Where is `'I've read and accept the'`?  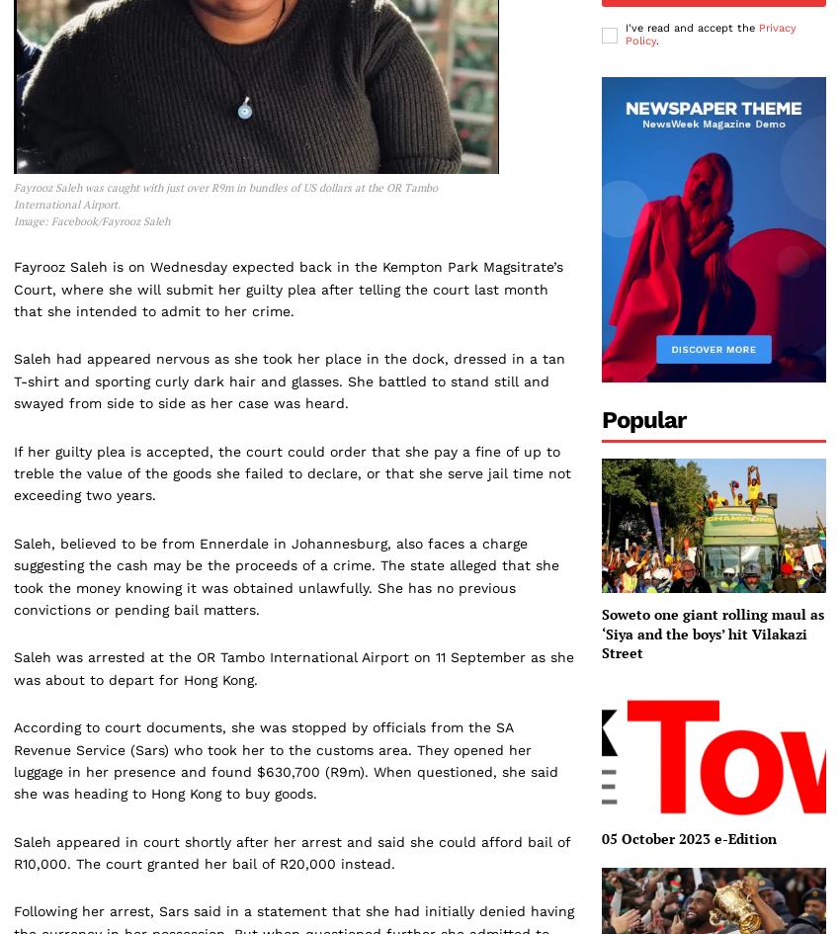
'I've read and accept the' is located at coordinates (624, 27).